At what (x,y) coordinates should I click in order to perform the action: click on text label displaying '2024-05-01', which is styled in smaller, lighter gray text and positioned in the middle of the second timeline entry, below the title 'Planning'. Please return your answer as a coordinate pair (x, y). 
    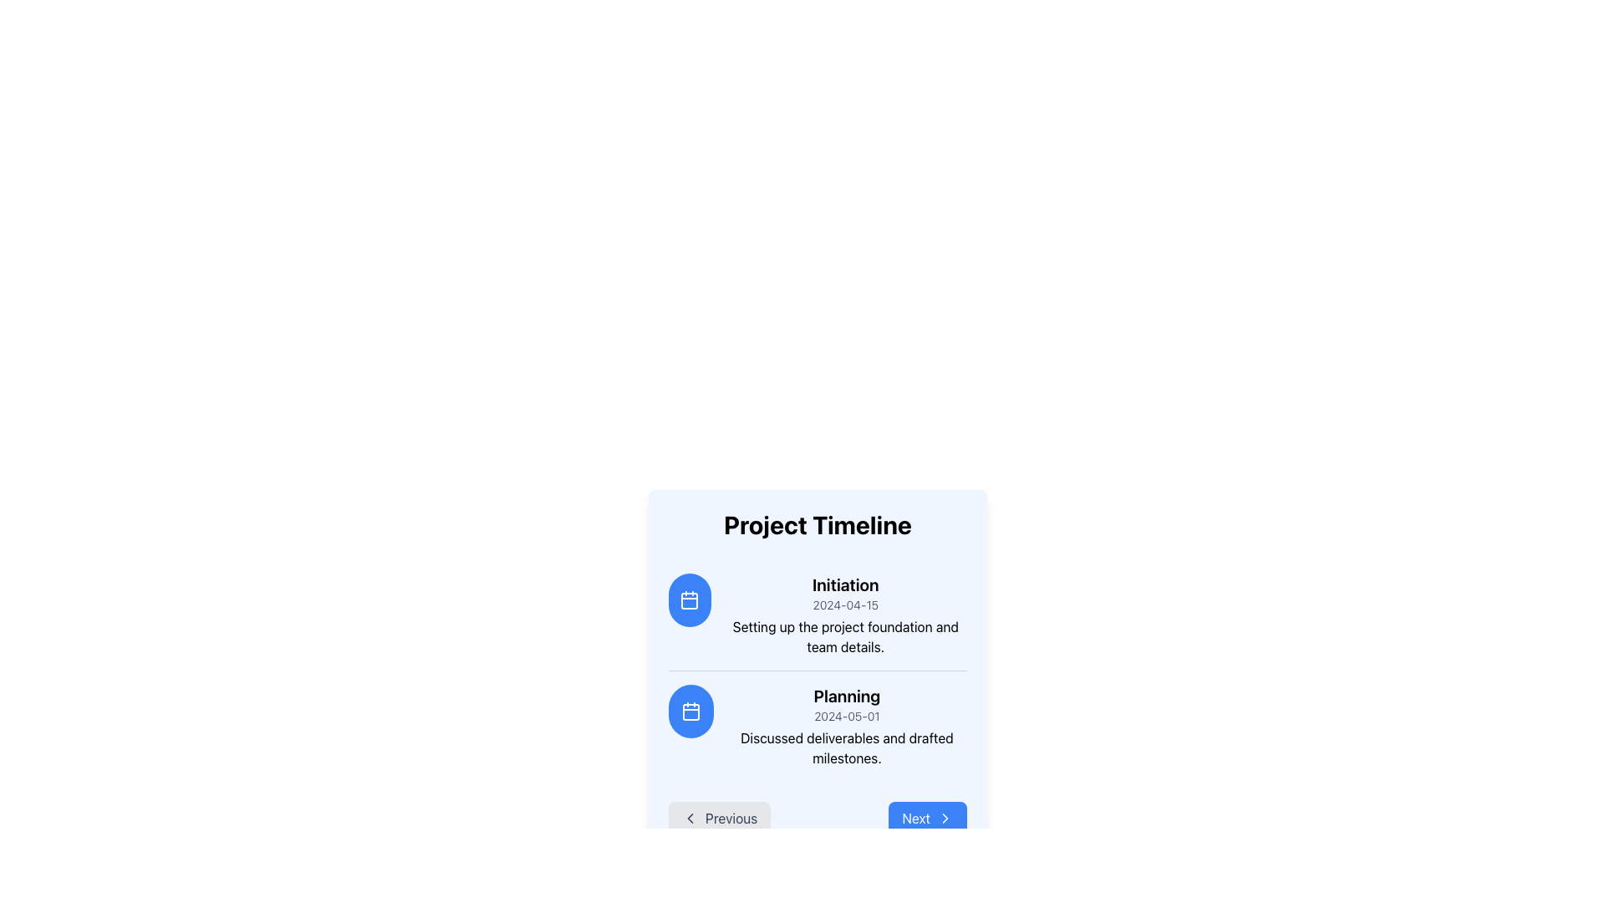
    Looking at the image, I should click on (847, 715).